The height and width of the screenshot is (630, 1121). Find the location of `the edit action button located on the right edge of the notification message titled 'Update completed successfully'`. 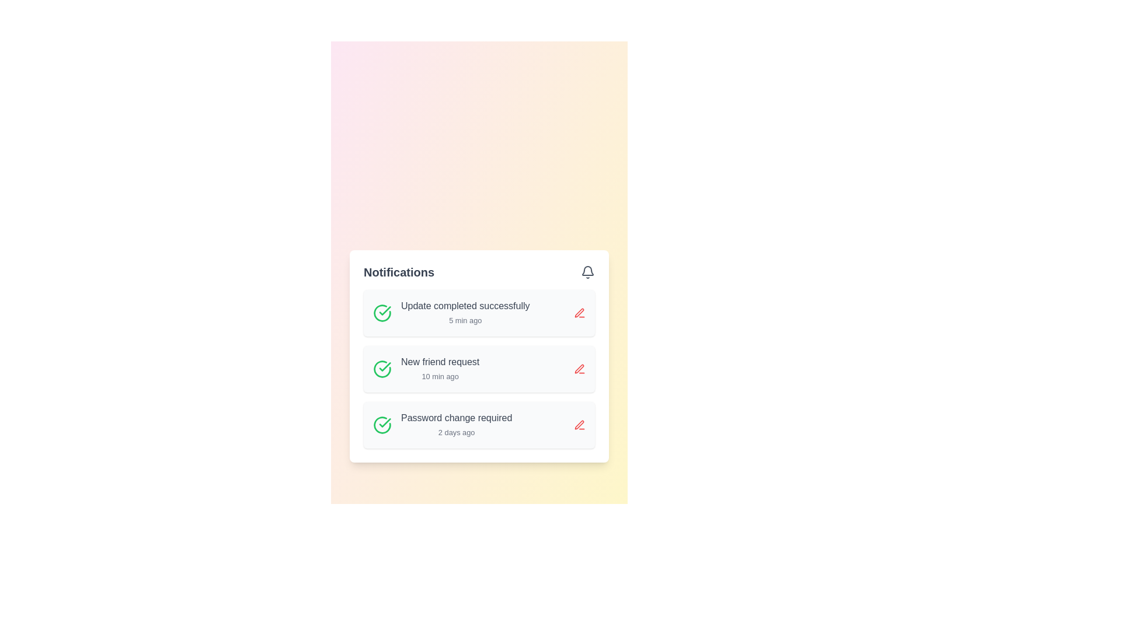

the edit action button located on the right edge of the notification message titled 'Update completed successfully' is located at coordinates (580, 312).